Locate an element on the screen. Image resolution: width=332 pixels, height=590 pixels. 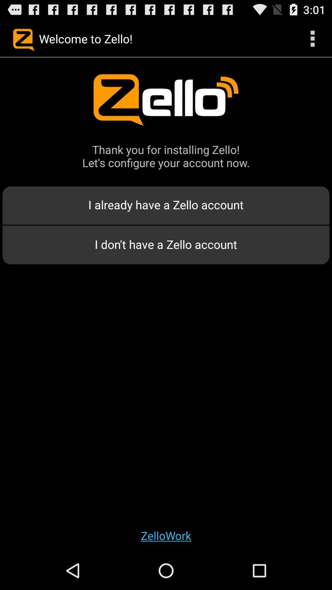
the item above the thank you for app is located at coordinates (313, 38).